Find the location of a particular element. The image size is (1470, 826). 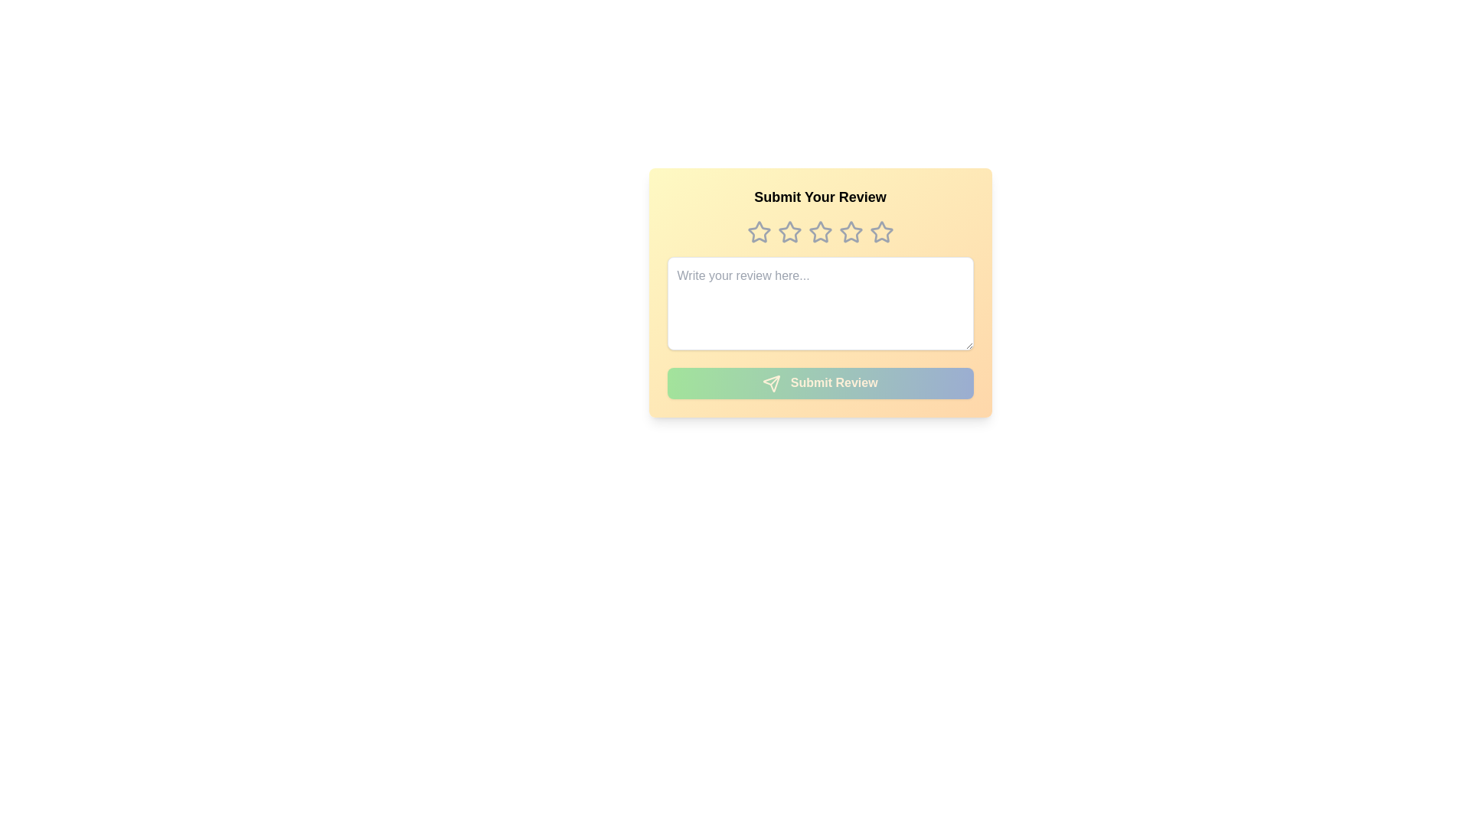

the fifth star-shaped rating icon, which is part of a horizontal row of five stars located near the top of a review submission form is located at coordinates (881, 233).